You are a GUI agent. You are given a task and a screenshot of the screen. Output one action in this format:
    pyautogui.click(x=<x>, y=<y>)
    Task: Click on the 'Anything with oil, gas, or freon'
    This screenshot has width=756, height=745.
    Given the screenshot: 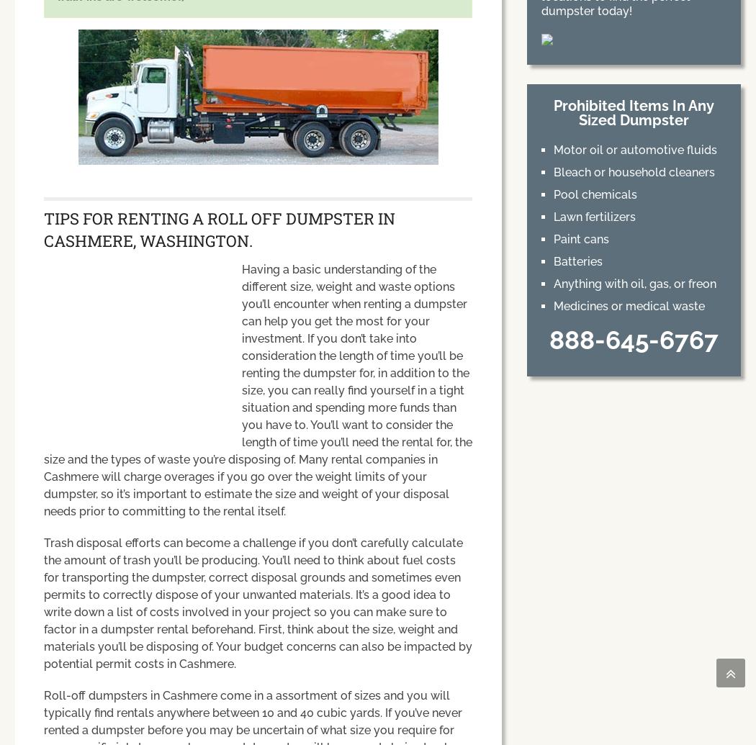 What is the action you would take?
    pyautogui.click(x=633, y=284)
    